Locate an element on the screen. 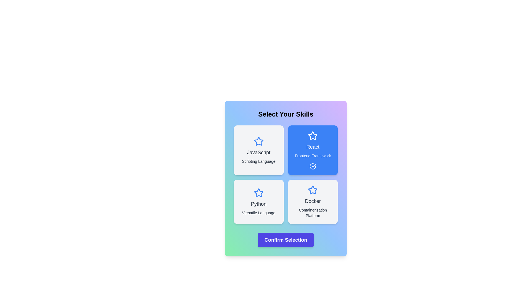 The height and width of the screenshot is (299, 532). the skill card labeled React is located at coordinates (313, 150).